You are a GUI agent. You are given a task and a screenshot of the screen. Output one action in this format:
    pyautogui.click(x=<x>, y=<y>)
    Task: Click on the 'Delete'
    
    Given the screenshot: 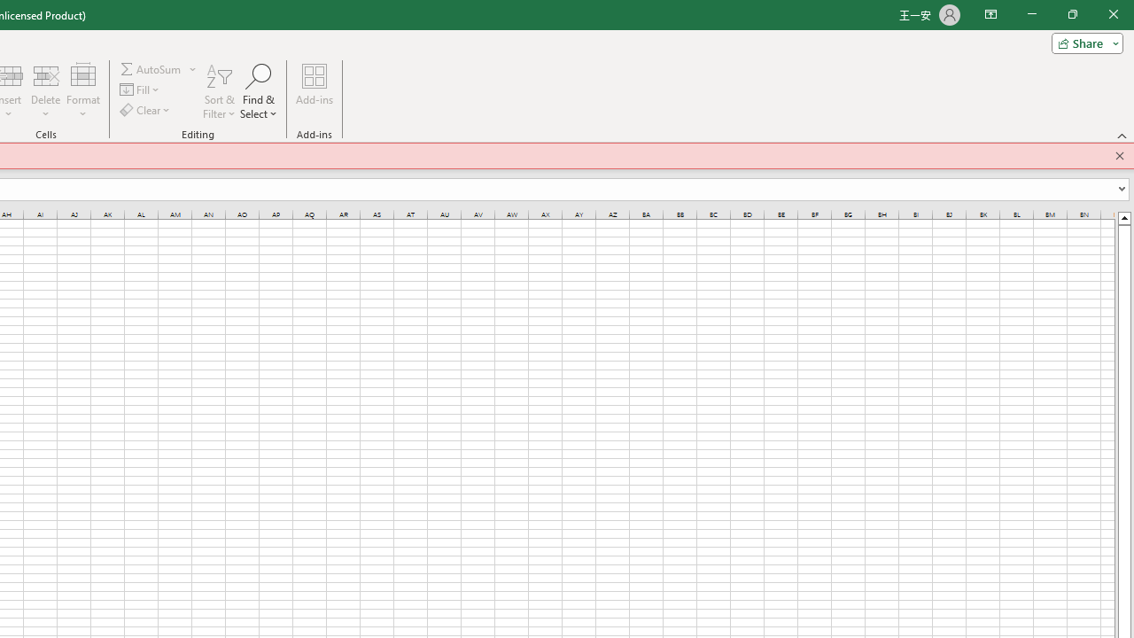 What is the action you would take?
    pyautogui.click(x=45, y=91)
    